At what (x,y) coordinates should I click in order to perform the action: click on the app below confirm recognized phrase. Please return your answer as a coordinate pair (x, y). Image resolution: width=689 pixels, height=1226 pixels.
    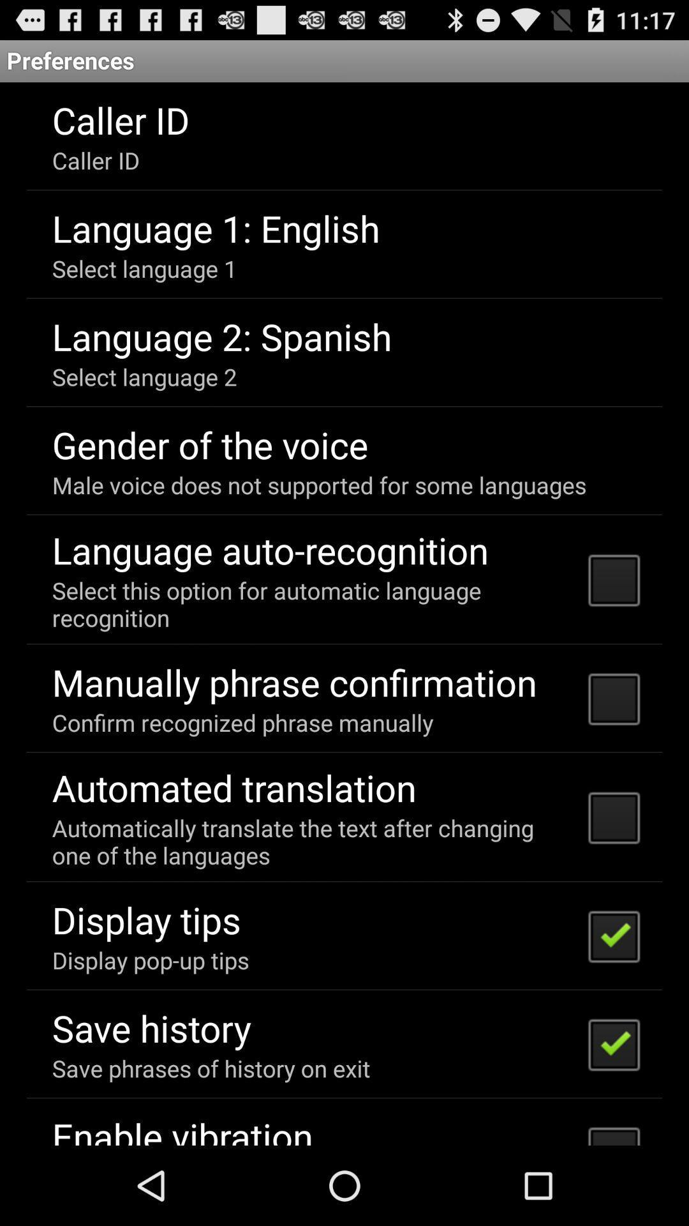
    Looking at the image, I should click on (234, 787).